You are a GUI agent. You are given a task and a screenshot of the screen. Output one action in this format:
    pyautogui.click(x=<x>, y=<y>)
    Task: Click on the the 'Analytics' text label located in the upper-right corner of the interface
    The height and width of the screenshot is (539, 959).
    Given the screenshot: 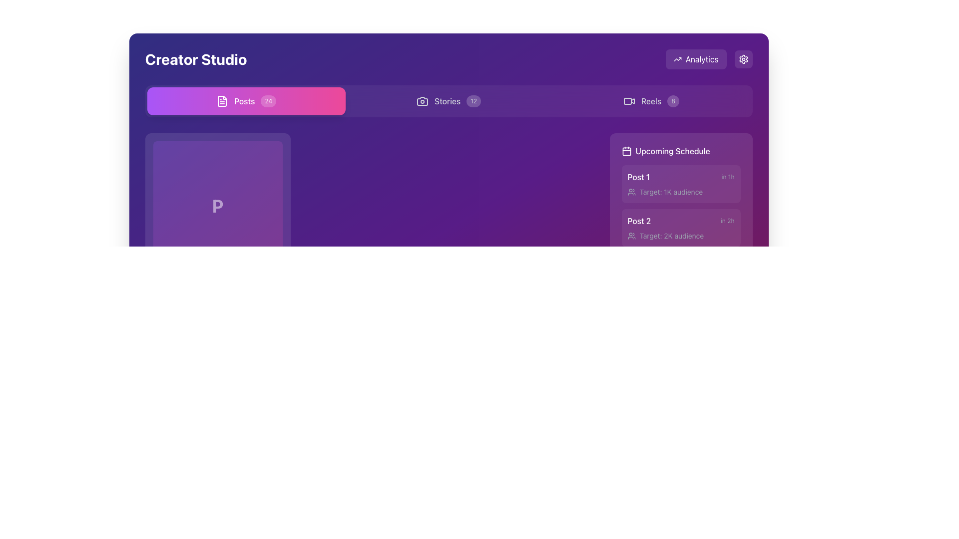 What is the action you would take?
    pyautogui.click(x=708, y=59)
    